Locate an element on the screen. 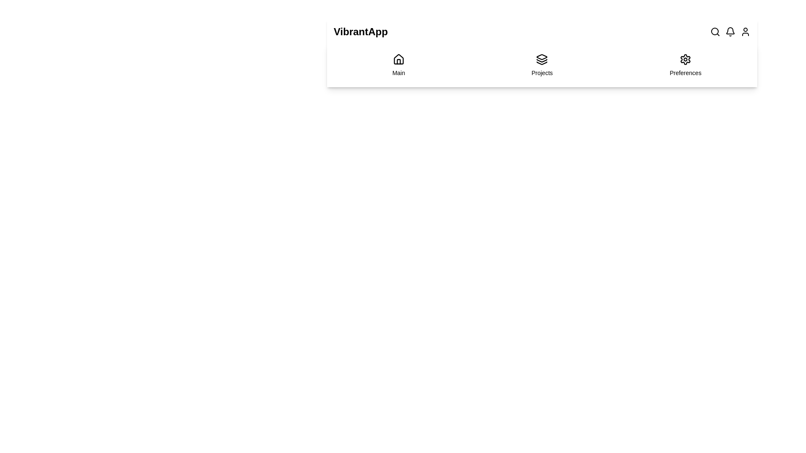  the 'Main' navigation item to navigate to the main page is located at coordinates (398, 65).